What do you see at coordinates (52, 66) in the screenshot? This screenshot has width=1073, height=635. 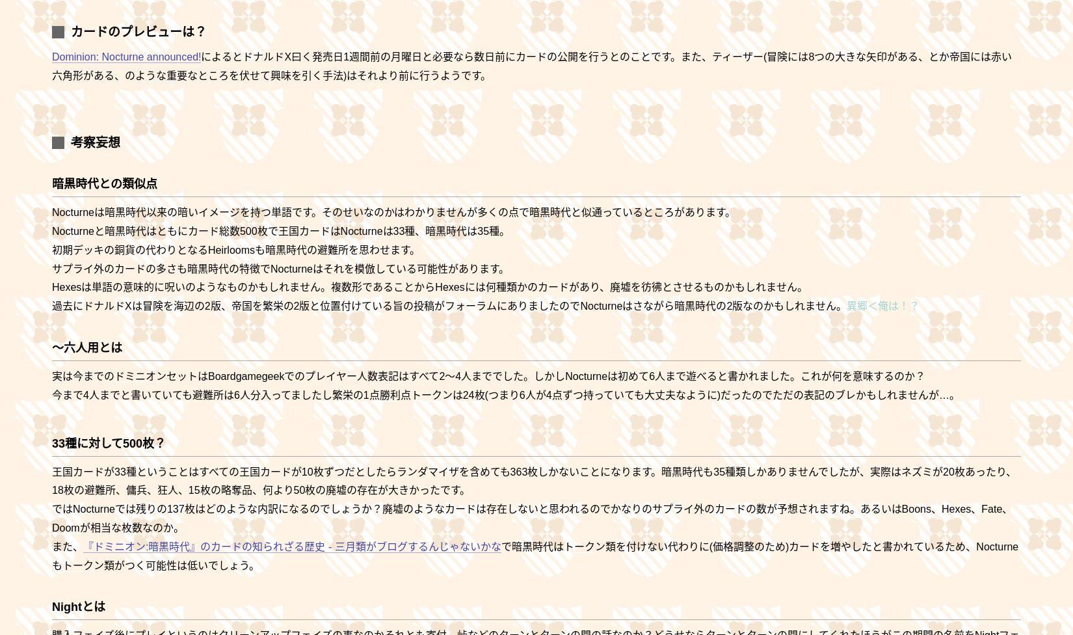 I see `'によるとドナルドX曰く発売日1週間前の月曜日と必要なら数日前にカードの公開を行うとのことです。また、ティーザー(冒険には8つの大きな矢印がある、とか帝国には赤い六角形がある、のよ'` at bounding box center [52, 66].